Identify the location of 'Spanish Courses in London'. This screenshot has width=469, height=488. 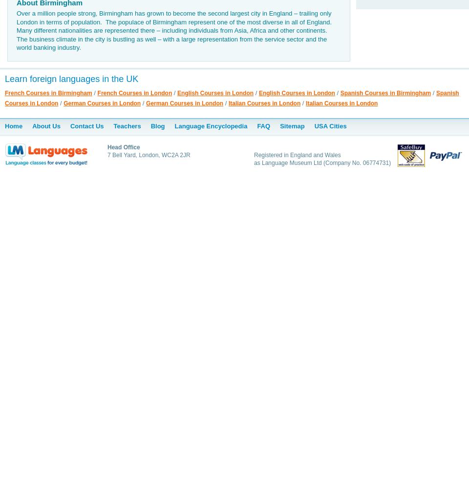
(232, 97).